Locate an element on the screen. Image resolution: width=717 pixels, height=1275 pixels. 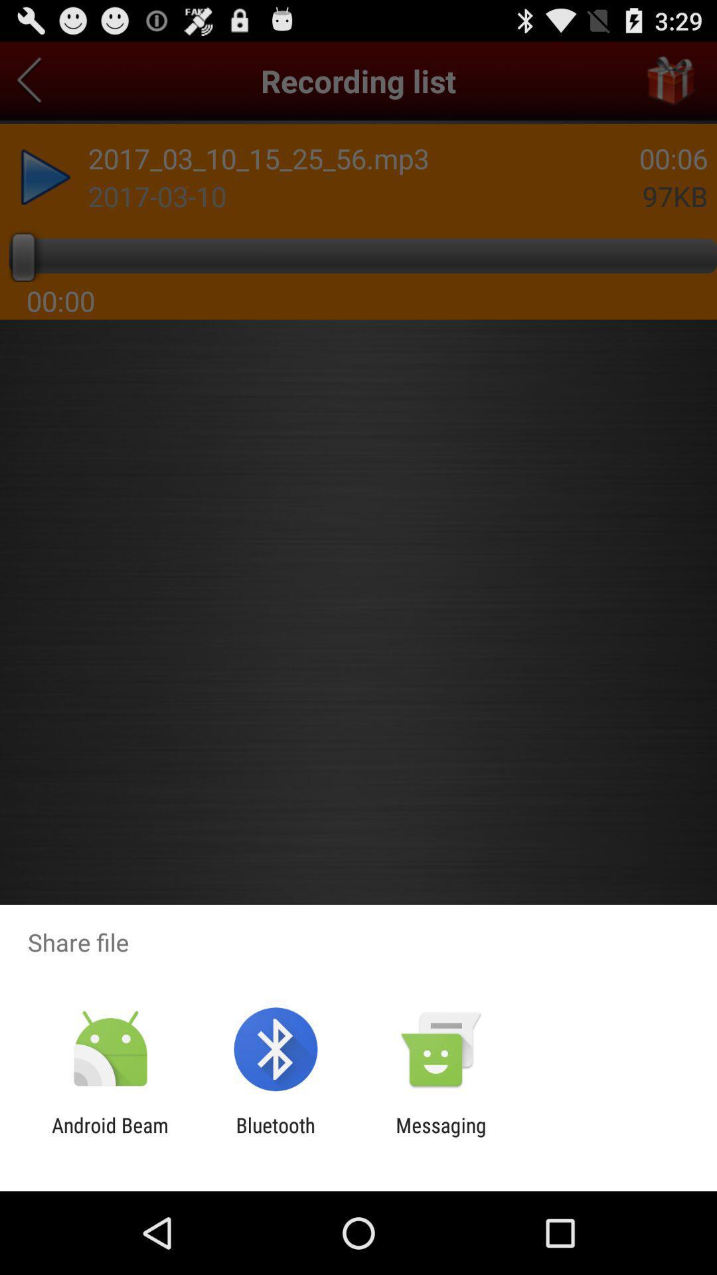
messaging is located at coordinates (441, 1136).